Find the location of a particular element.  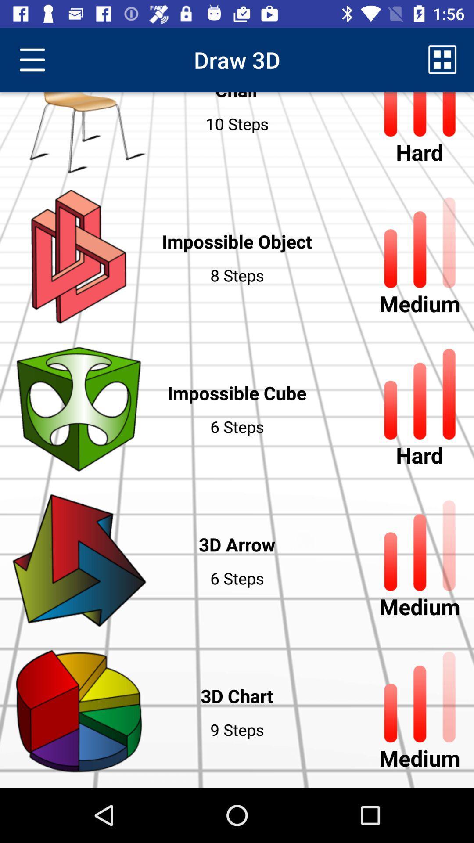

item to the left of chair item is located at coordinates (32, 59).